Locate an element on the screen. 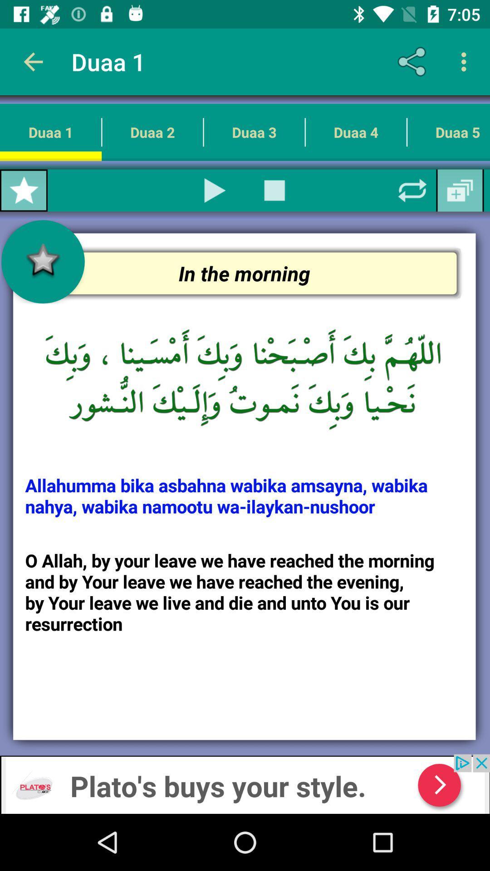 The image size is (490, 871). shuffle is located at coordinates (412, 190).